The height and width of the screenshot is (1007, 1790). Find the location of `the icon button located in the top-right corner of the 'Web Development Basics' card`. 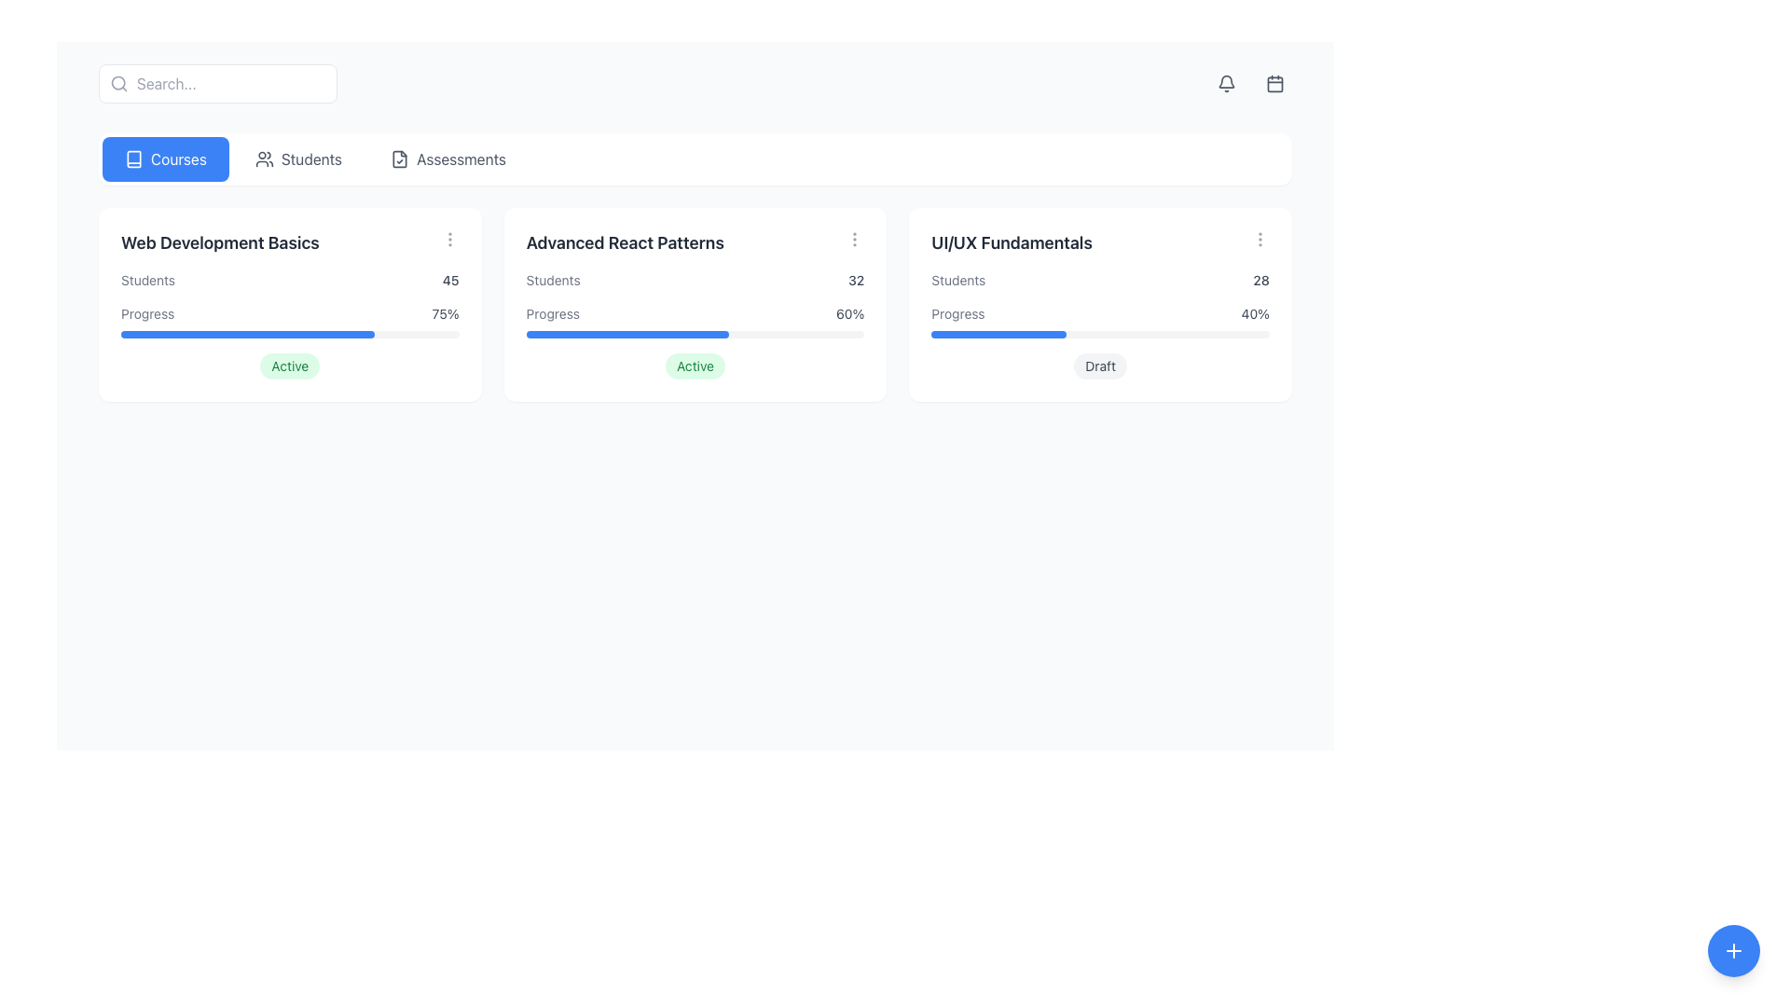

the icon button located in the top-right corner of the 'Web Development Basics' card is located at coordinates (449, 239).